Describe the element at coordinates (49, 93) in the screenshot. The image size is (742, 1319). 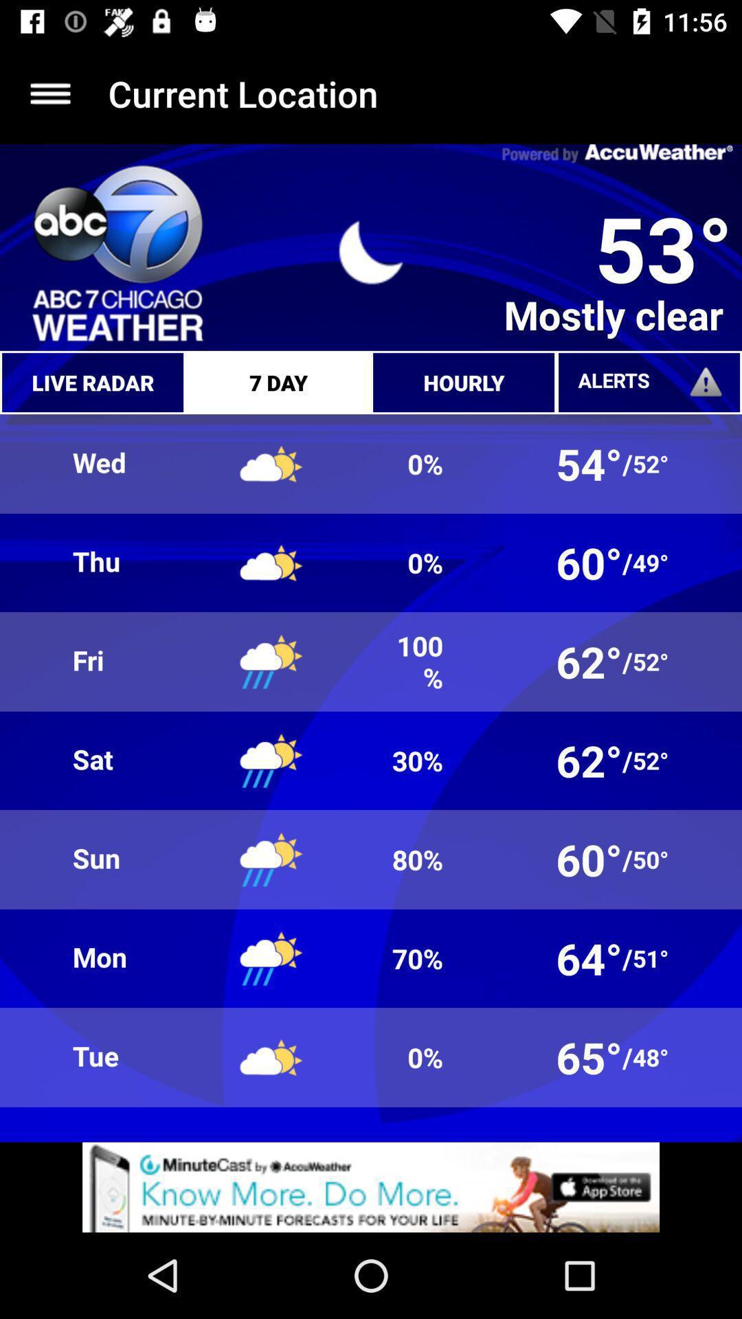
I see `click the menu option` at that location.